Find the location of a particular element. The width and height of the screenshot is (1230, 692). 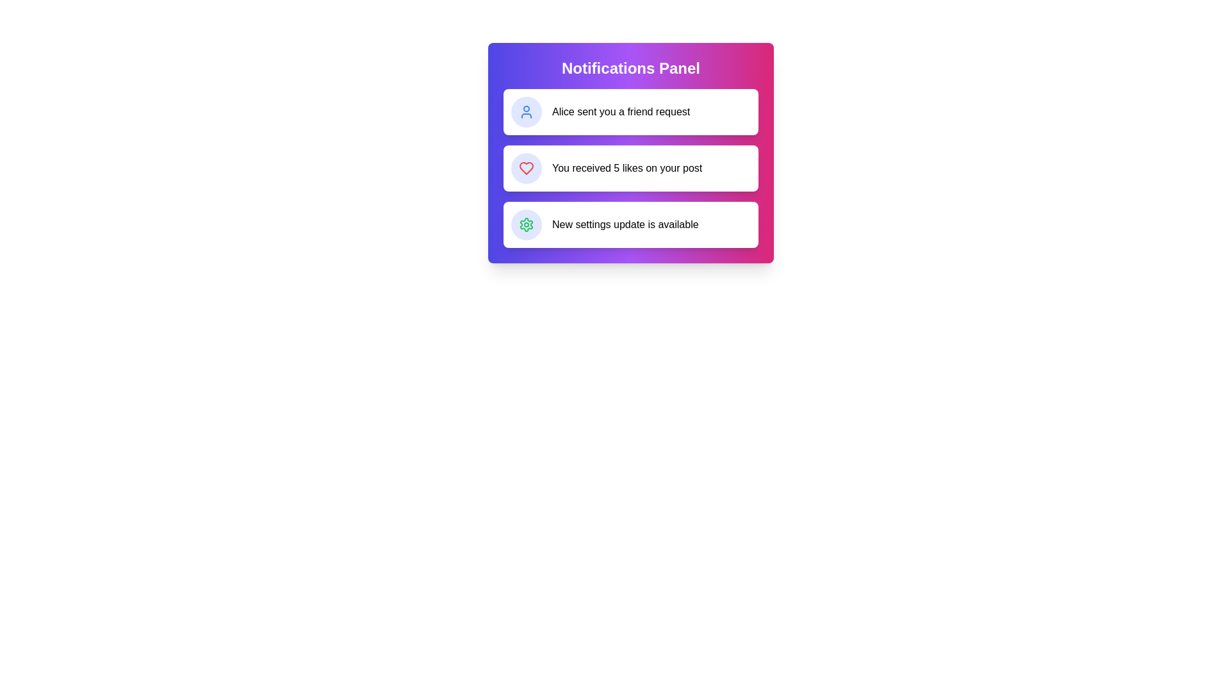

the icon representing notifications about settings updates located at the leftmost side of the third notification row inside the 'Notifications Panel' is located at coordinates (526, 224).